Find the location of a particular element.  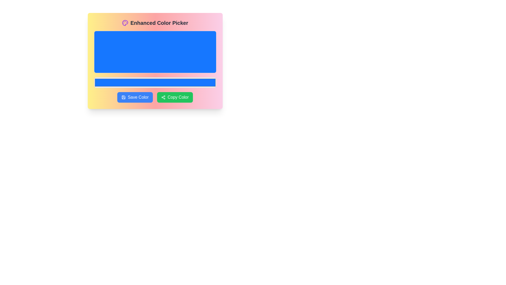

the graphical icon resembling three connected nodes arranged in a triangular layout, located within the 'Copy Color' button area, aligned towards the left side of the button's text is located at coordinates (163, 97).